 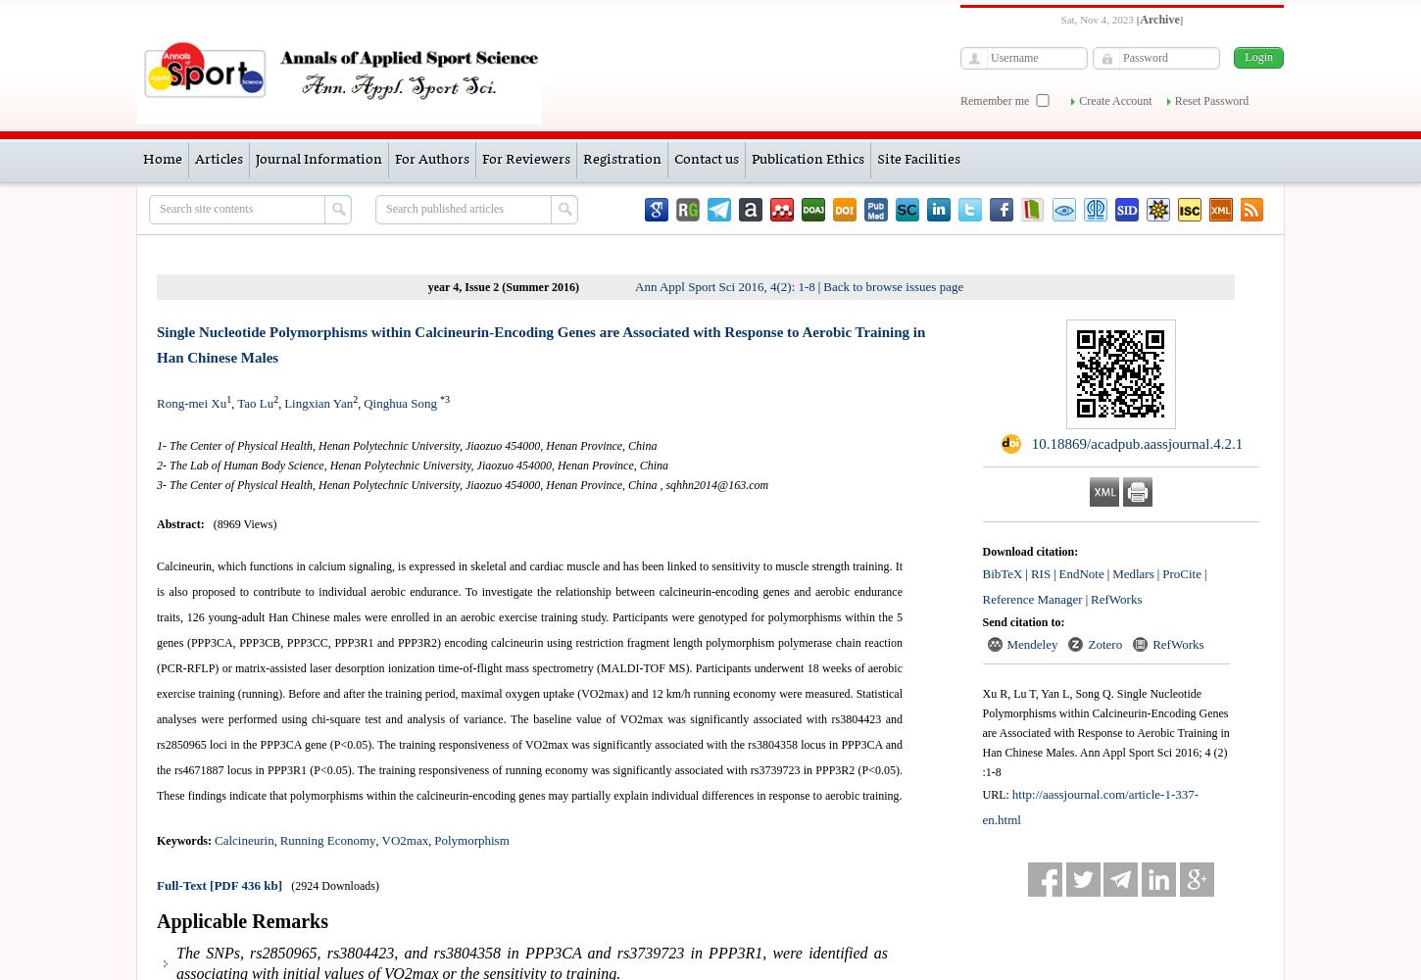 What do you see at coordinates (724, 286) in the screenshot?
I see `'Ann Appl Sport Sci 2016, 4(2): 1-8'` at bounding box center [724, 286].